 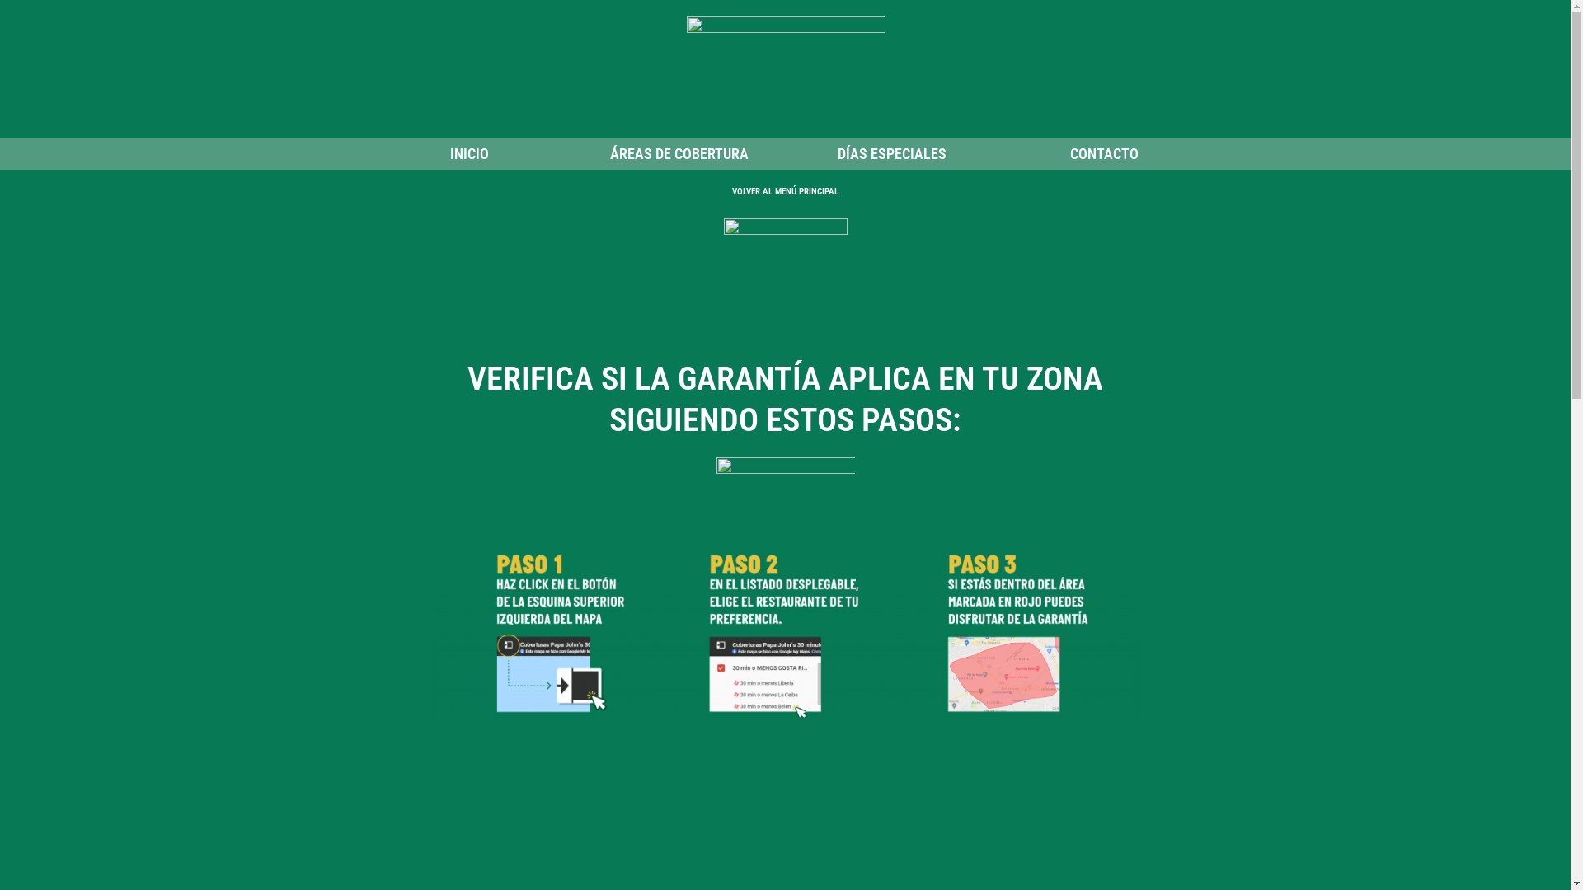 I want to click on 'CONTACTO', so click(x=1104, y=153).